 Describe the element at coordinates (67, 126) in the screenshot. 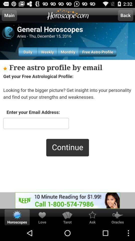

I see `contact page` at that location.